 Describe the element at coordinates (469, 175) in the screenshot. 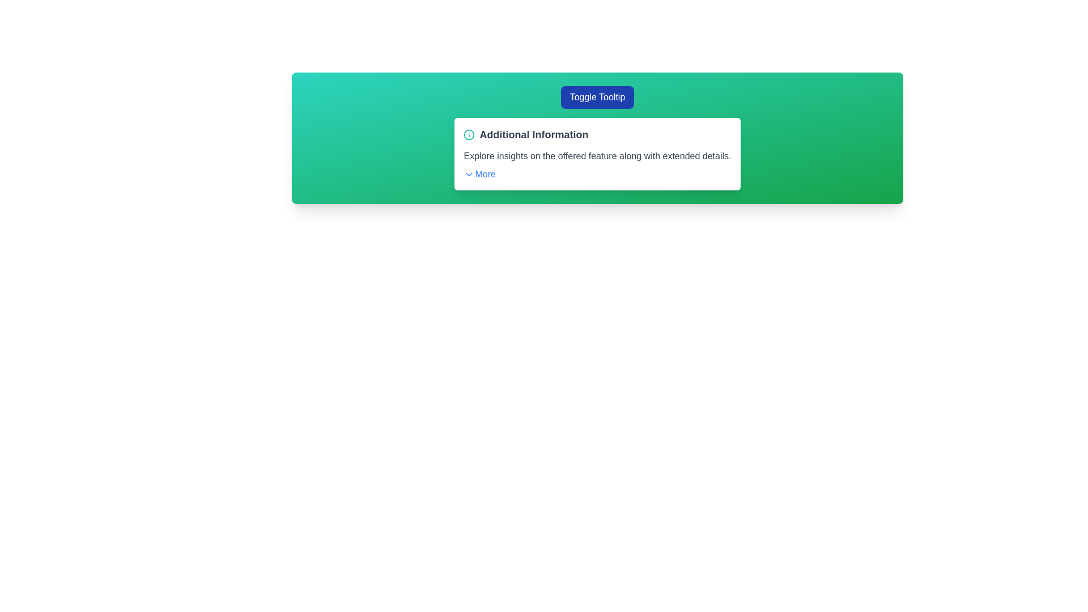

I see `the downwards-pointing chevron-style arrow icon located next to the 'More' text in the green information panel` at that location.